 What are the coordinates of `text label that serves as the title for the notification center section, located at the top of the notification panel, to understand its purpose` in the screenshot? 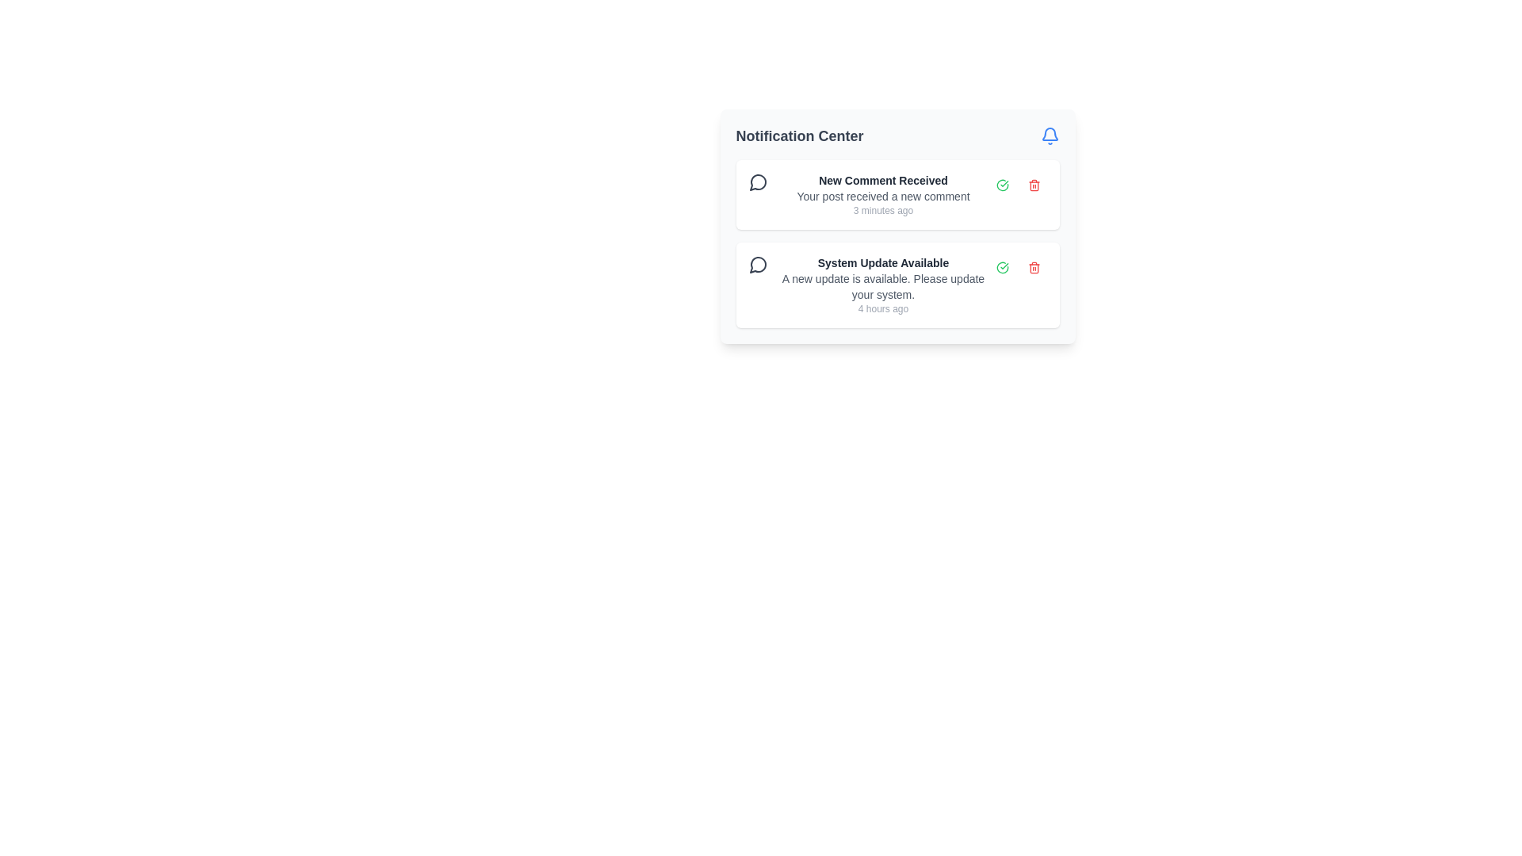 It's located at (799, 136).